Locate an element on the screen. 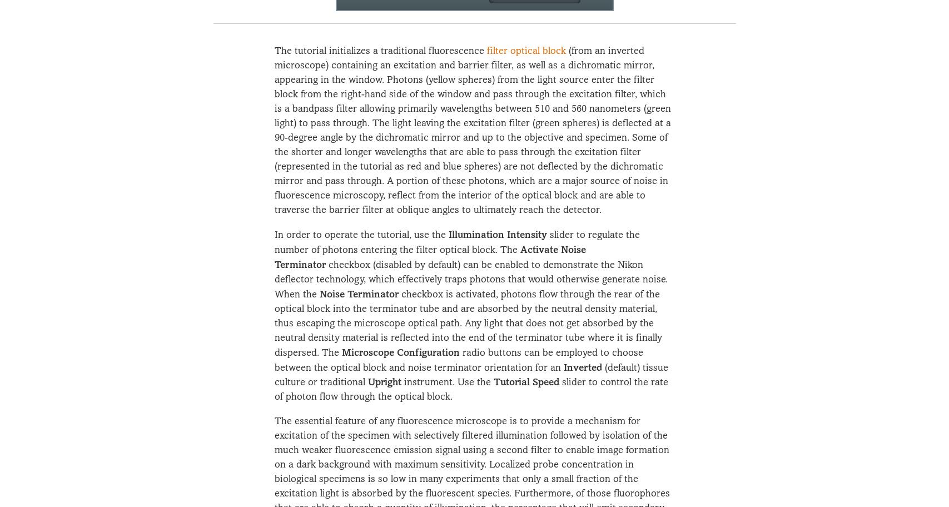  'Illumination Intensity' is located at coordinates (496, 233).